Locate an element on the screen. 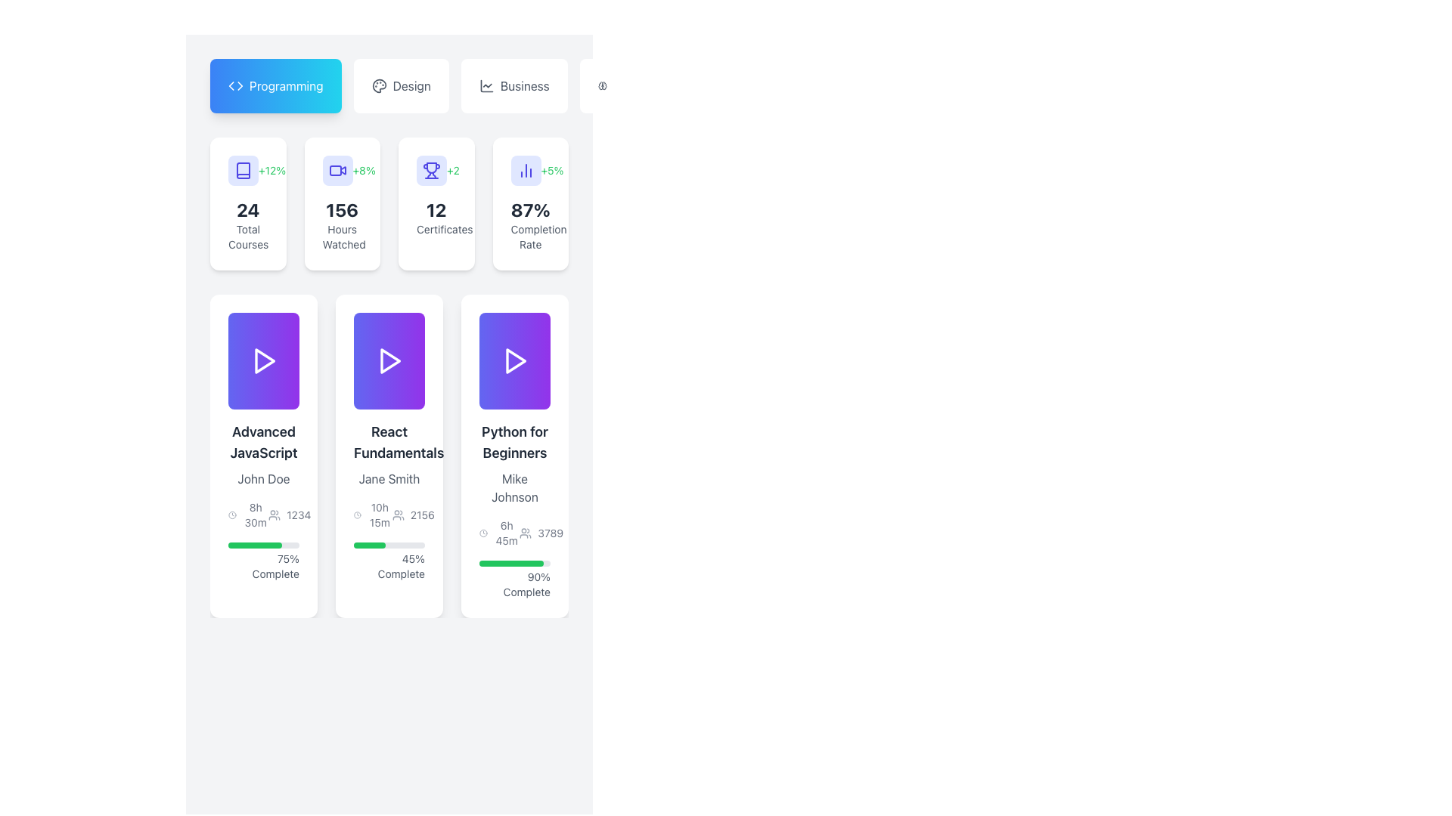  the green rounded progress bar segment indicating 90% completion within the 'Python for Beginners' course card to trigger any tooltips is located at coordinates (511, 563).